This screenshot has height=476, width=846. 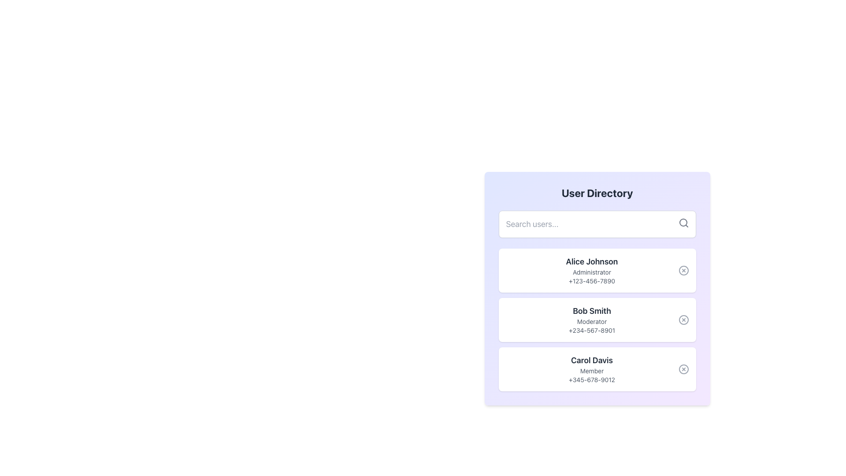 What do you see at coordinates (592, 271) in the screenshot?
I see `the 'Administrator' label, which is a muted gray text centered below 'Alice Johnson' in the first user card of the 'User Directory'` at bounding box center [592, 271].